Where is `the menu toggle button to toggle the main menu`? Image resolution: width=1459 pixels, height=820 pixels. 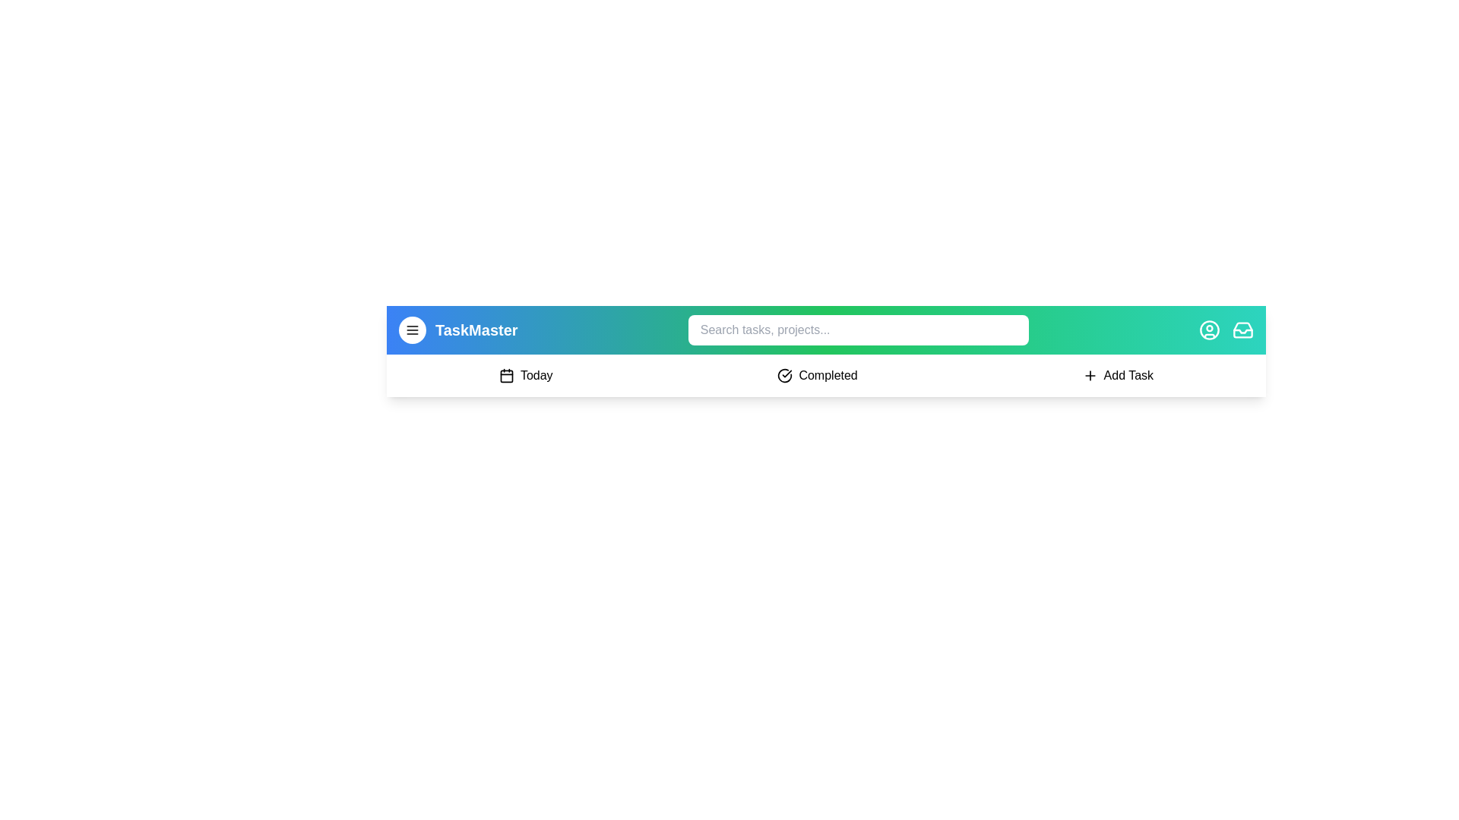
the menu toggle button to toggle the main menu is located at coordinates (412, 330).